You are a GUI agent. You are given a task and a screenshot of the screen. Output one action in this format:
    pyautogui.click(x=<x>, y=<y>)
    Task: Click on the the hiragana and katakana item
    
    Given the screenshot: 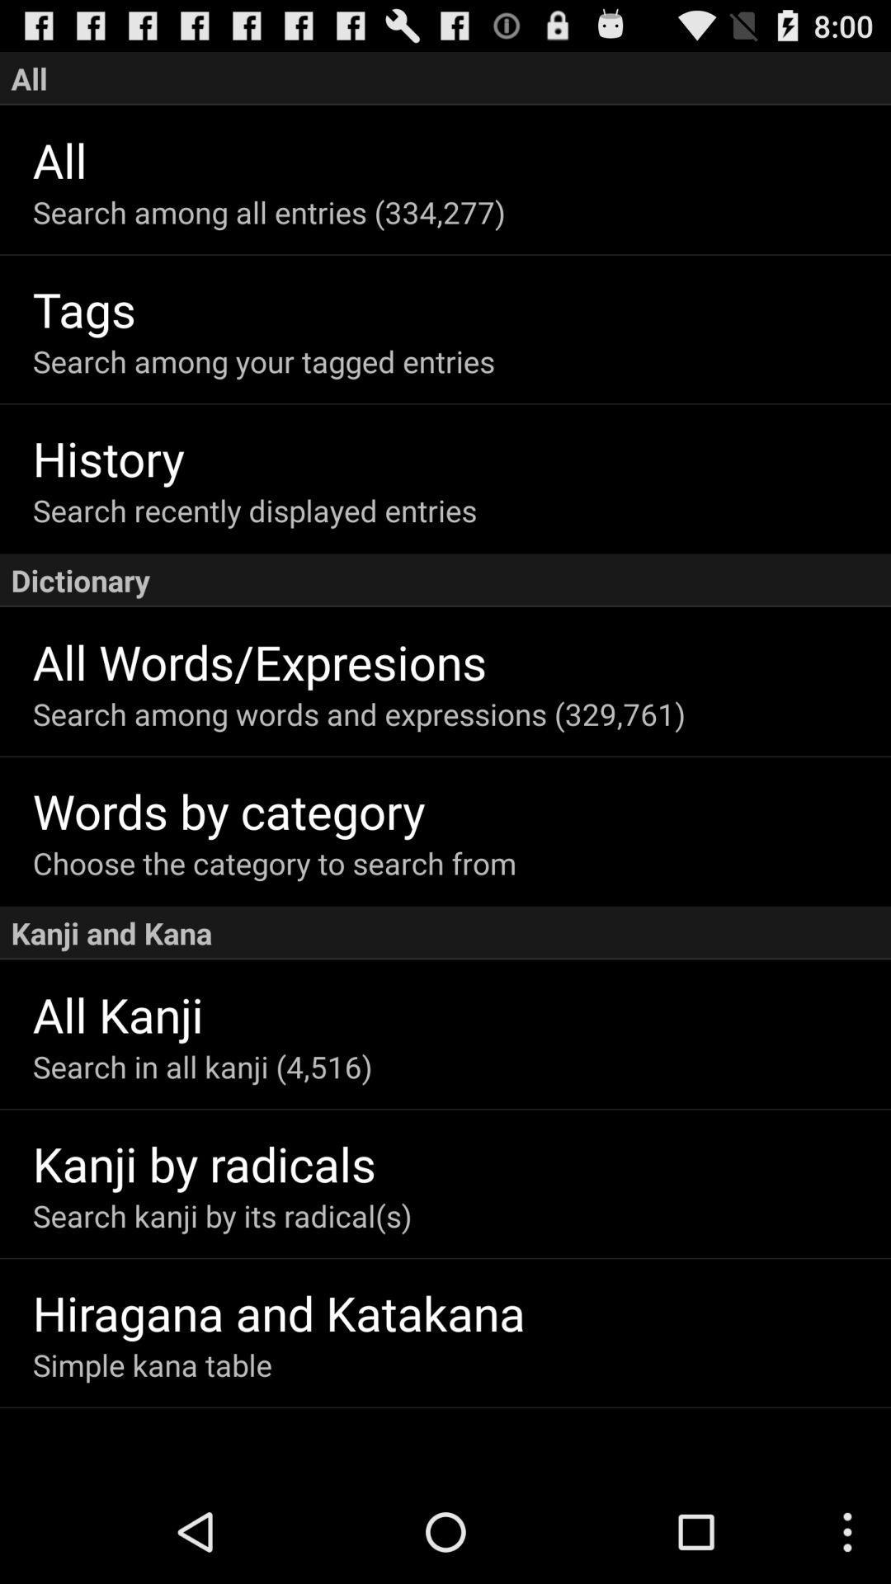 What is the action you would take?
    pyautogui.click(x=461, y=1312)
    